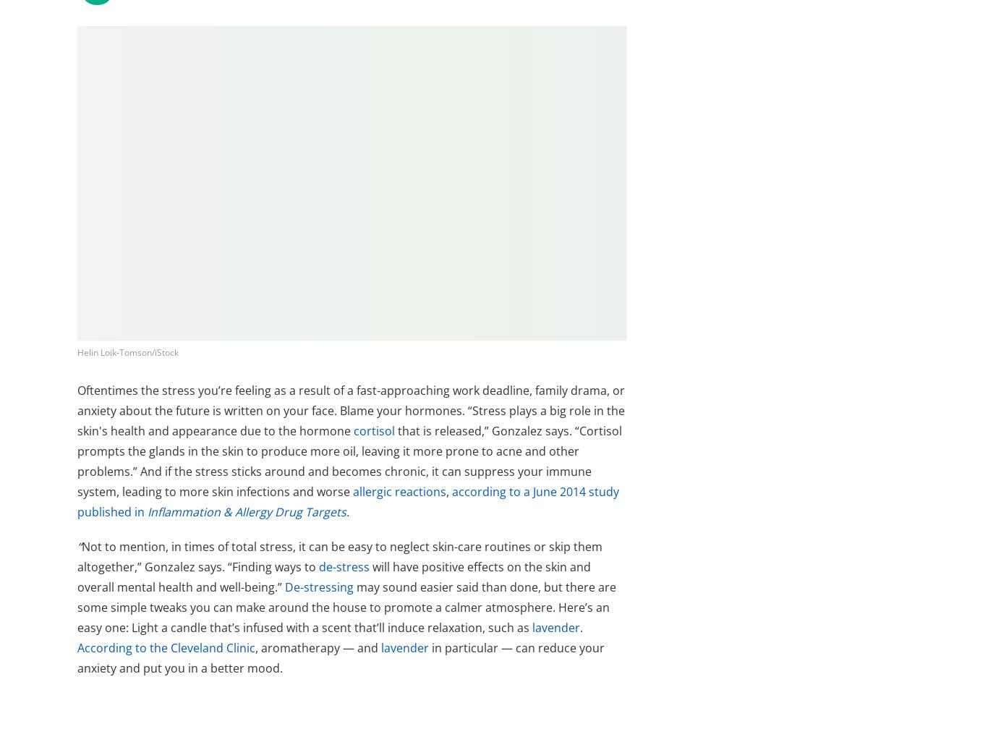  Describe the element at coordinates (77, 606) in the screenshot. I see `'may sound easier said than done, but there are some simple tweaks you can make around the house to promote a calmer atmosphere. Here’s an easy one: Light a candle that’s infused with a scent that’ll induce relaxation, such as'` at that location.